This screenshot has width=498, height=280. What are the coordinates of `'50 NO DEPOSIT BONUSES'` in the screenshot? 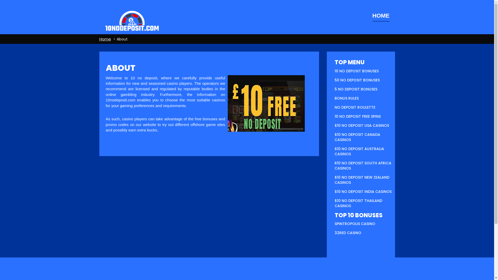 It's located at (357, 80).